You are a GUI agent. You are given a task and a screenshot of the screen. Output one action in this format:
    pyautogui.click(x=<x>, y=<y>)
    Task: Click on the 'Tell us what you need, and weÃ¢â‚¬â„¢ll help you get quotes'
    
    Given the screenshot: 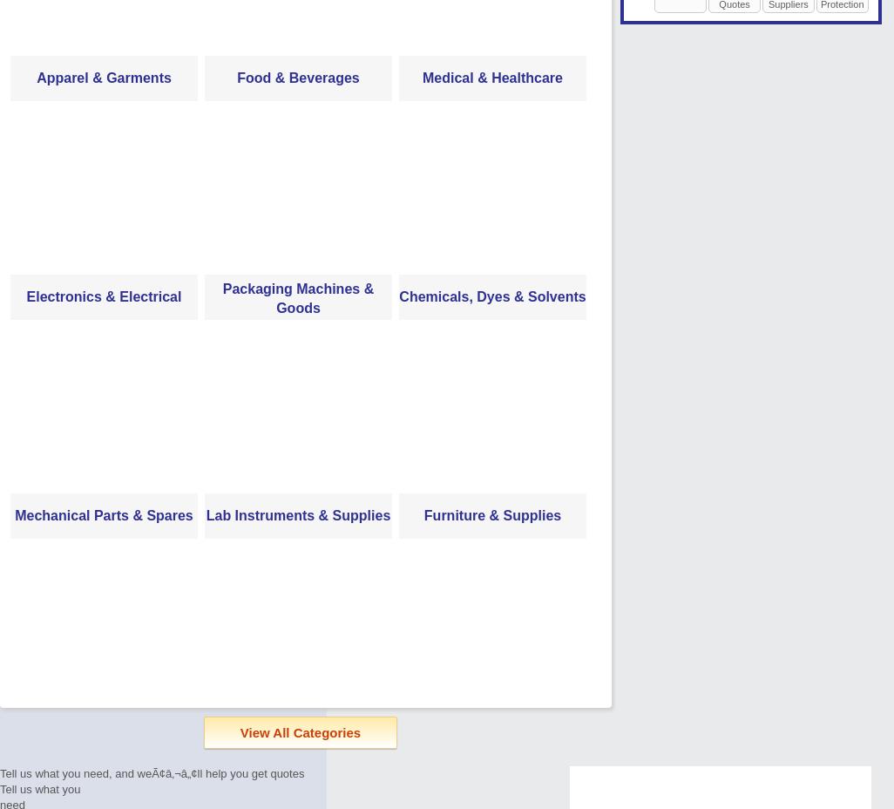 What is the action you would take?
    pyautogui.click(x=151, y=773)
    